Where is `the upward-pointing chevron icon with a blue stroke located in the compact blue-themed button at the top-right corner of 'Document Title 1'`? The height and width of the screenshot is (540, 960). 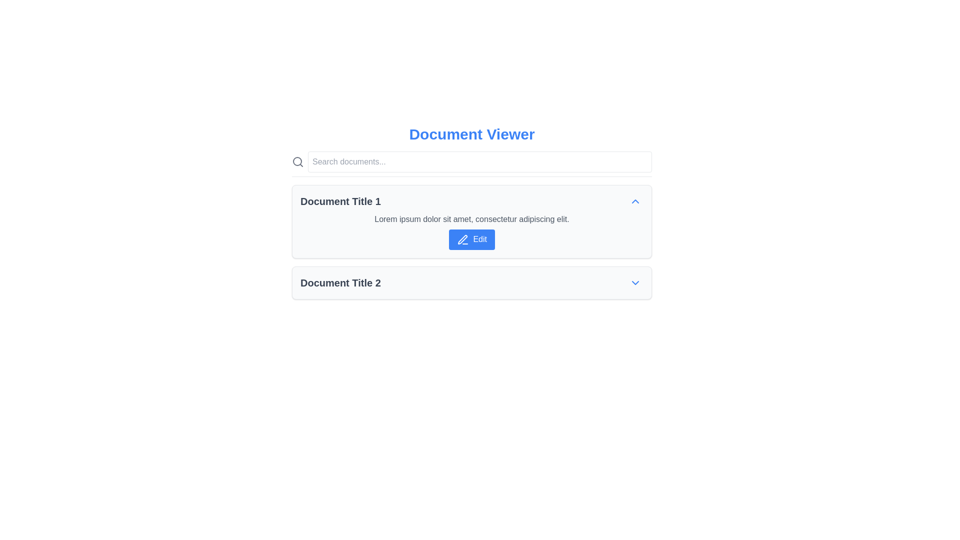 the upward-pointing chevron icon with a blue stroke located in the compact blue-themed button at the top-right corner of 'Document Title 1' is located at coordinates (635, 201).